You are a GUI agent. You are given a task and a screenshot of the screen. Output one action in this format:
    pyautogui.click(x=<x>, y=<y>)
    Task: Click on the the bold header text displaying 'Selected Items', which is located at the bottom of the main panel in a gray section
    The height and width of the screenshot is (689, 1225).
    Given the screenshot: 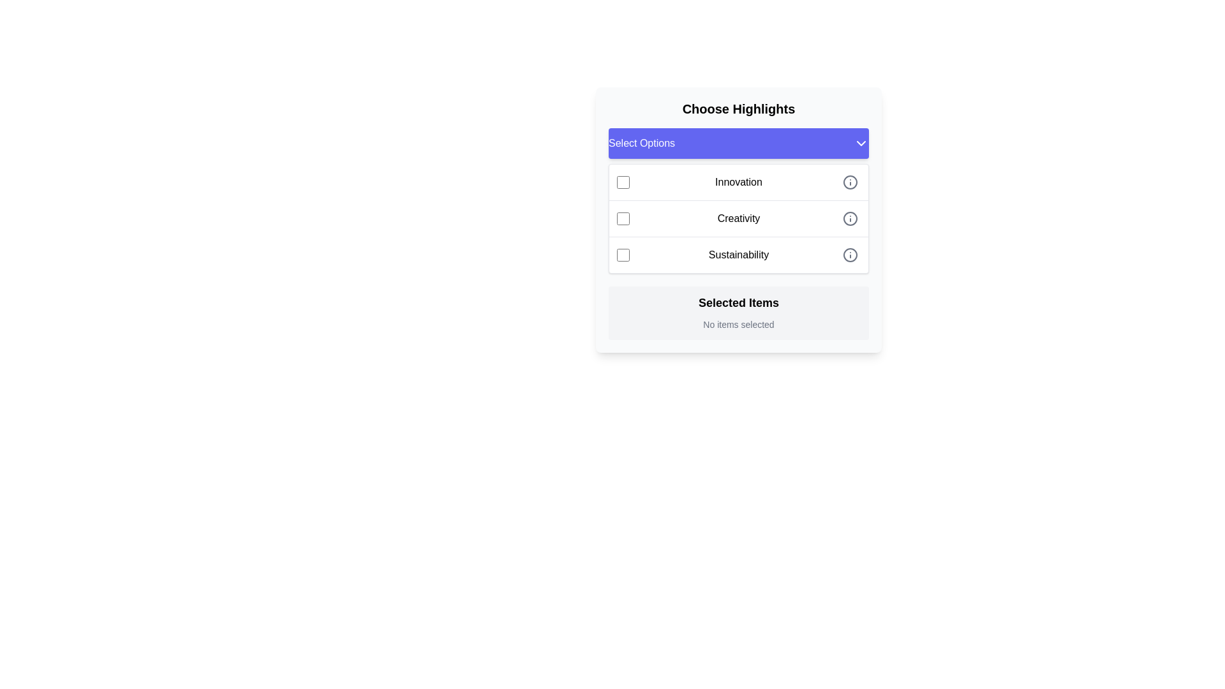 What is the action you would take?
    pyautogui.click(x=738, y=302)
    